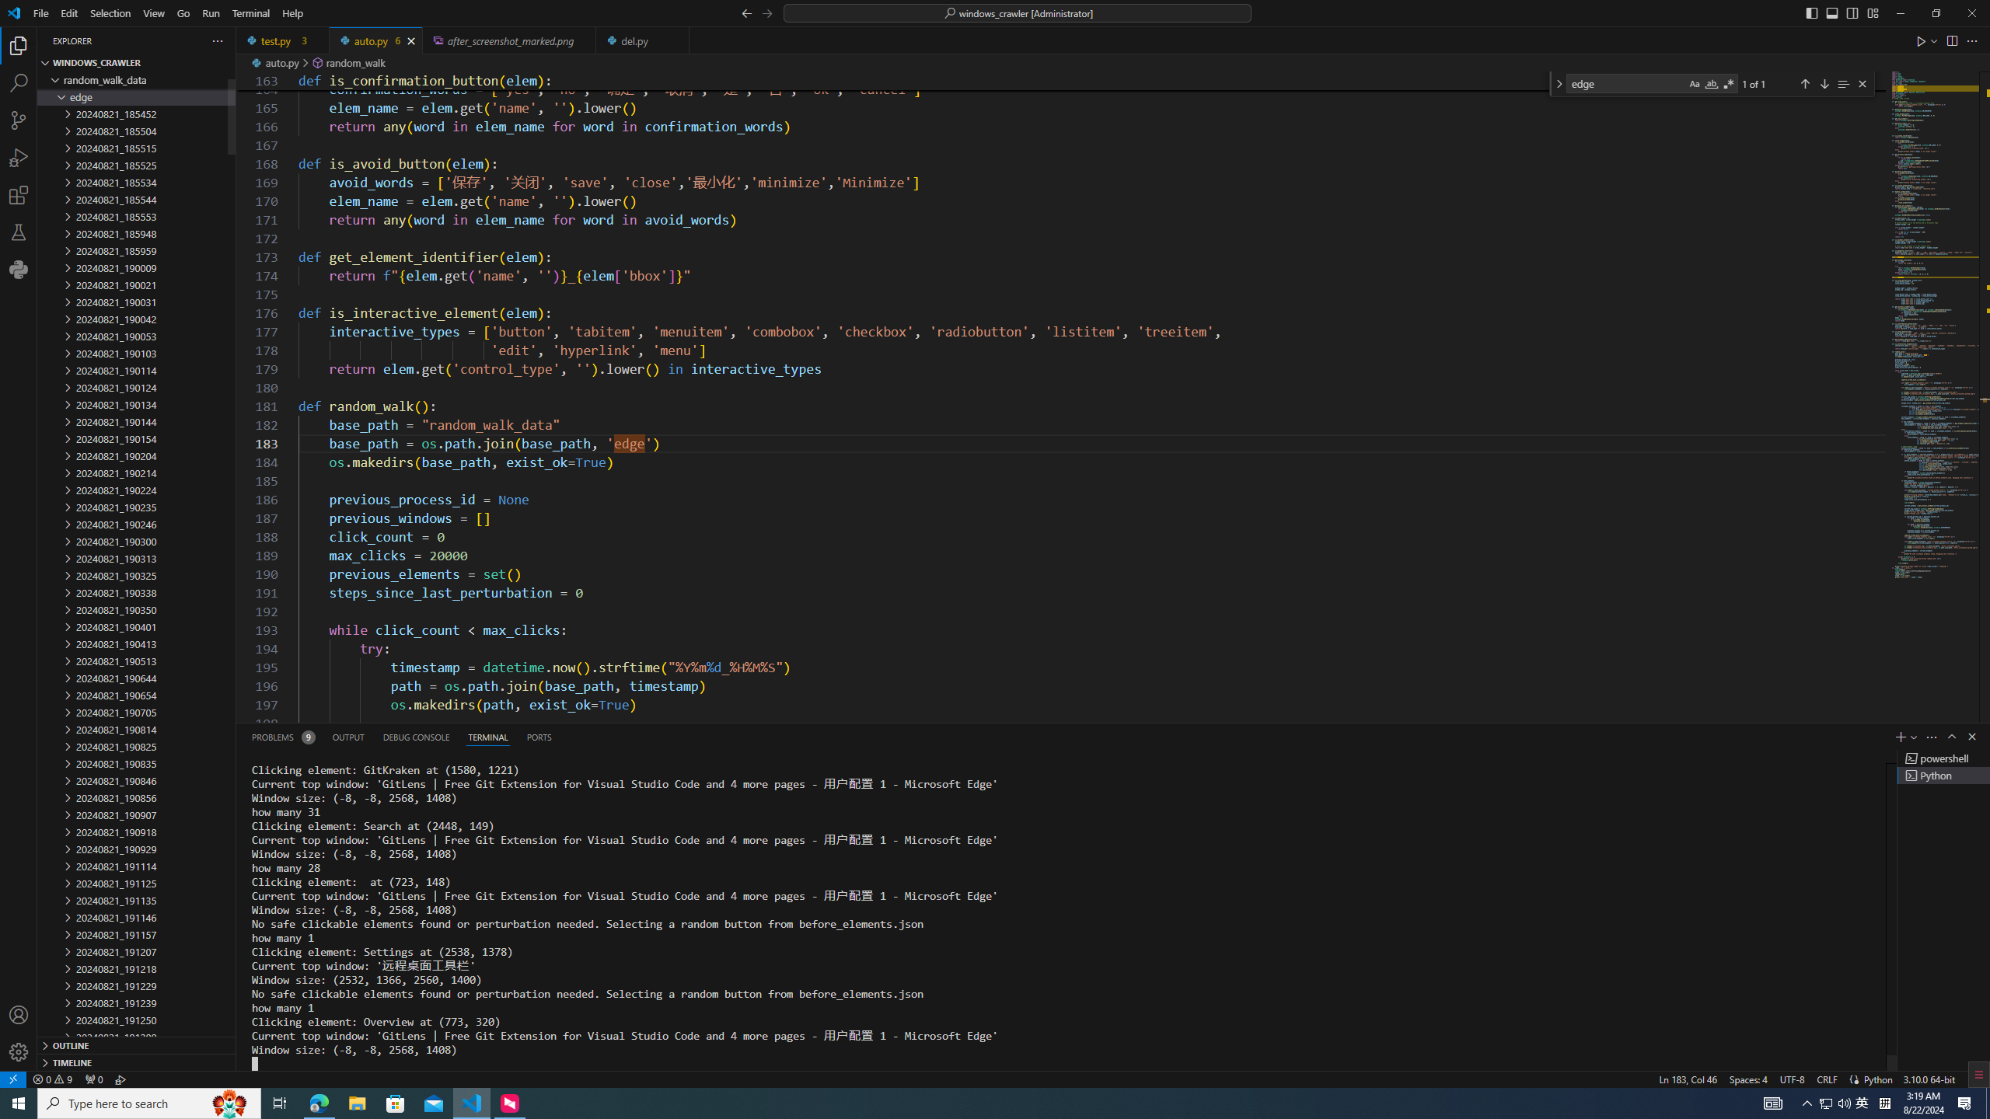 This screenshot has width=1990, height=1119. What do you see at coordinates (19, 83) in the screenshot?
I see `'Search (Ctrl+Shift+F)'` at bounding box center [19, 83].